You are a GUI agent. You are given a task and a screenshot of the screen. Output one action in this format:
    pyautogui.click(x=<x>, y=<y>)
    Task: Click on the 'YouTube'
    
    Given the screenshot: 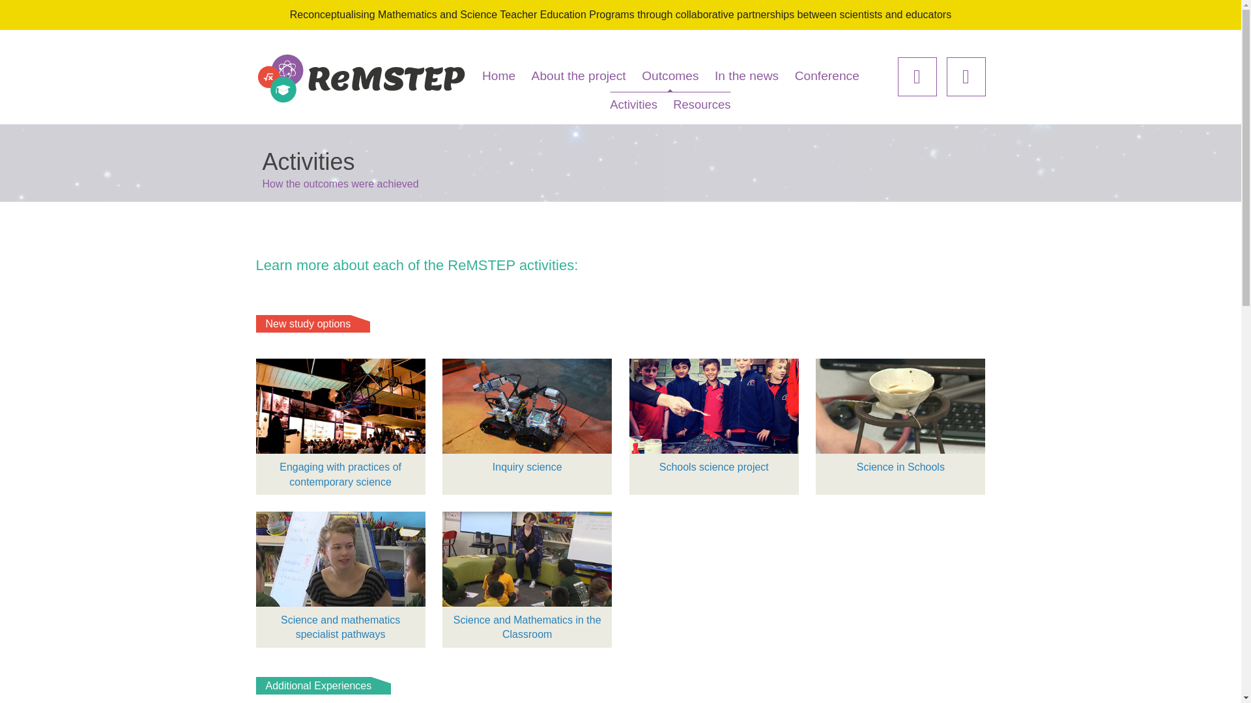 What is the action you would take?
    pyautogui.click(x=966, y=77)
    